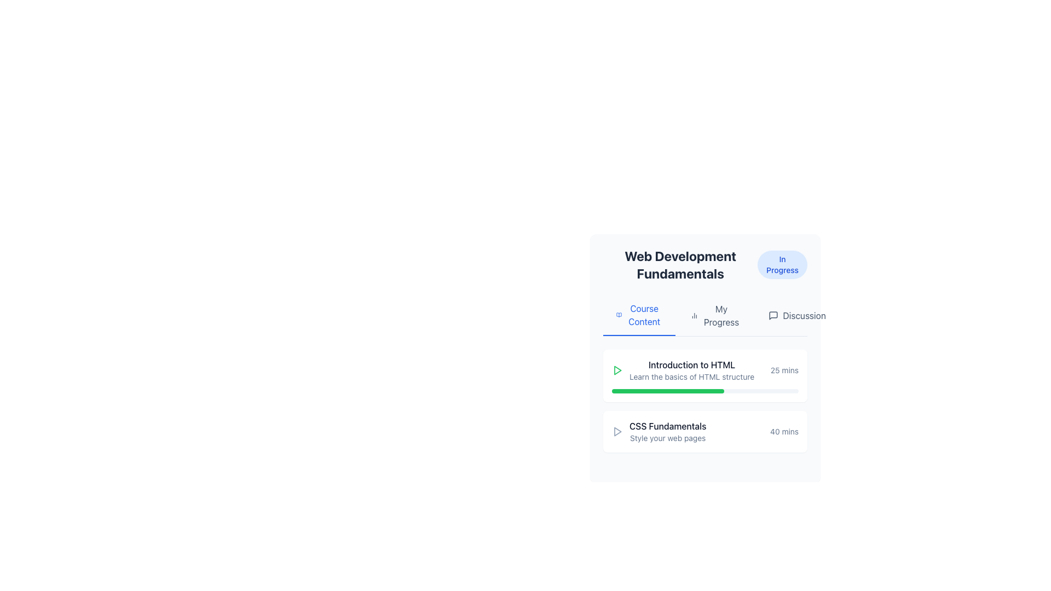 This screenshot has height=591, width=1051. What do you see at coordinates (683, 370) in the screenshot?
I see `the 'Introduction to HTML' course module entry with a green triangular play icon` at bounding box center [683, 370].